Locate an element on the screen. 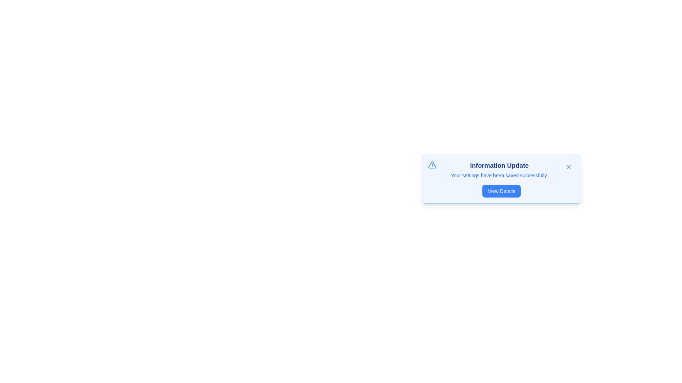 The width and height of the screenshot is (682, 383). the 'View Details' button to navigate to the details page is located at coordinates (501, 191).